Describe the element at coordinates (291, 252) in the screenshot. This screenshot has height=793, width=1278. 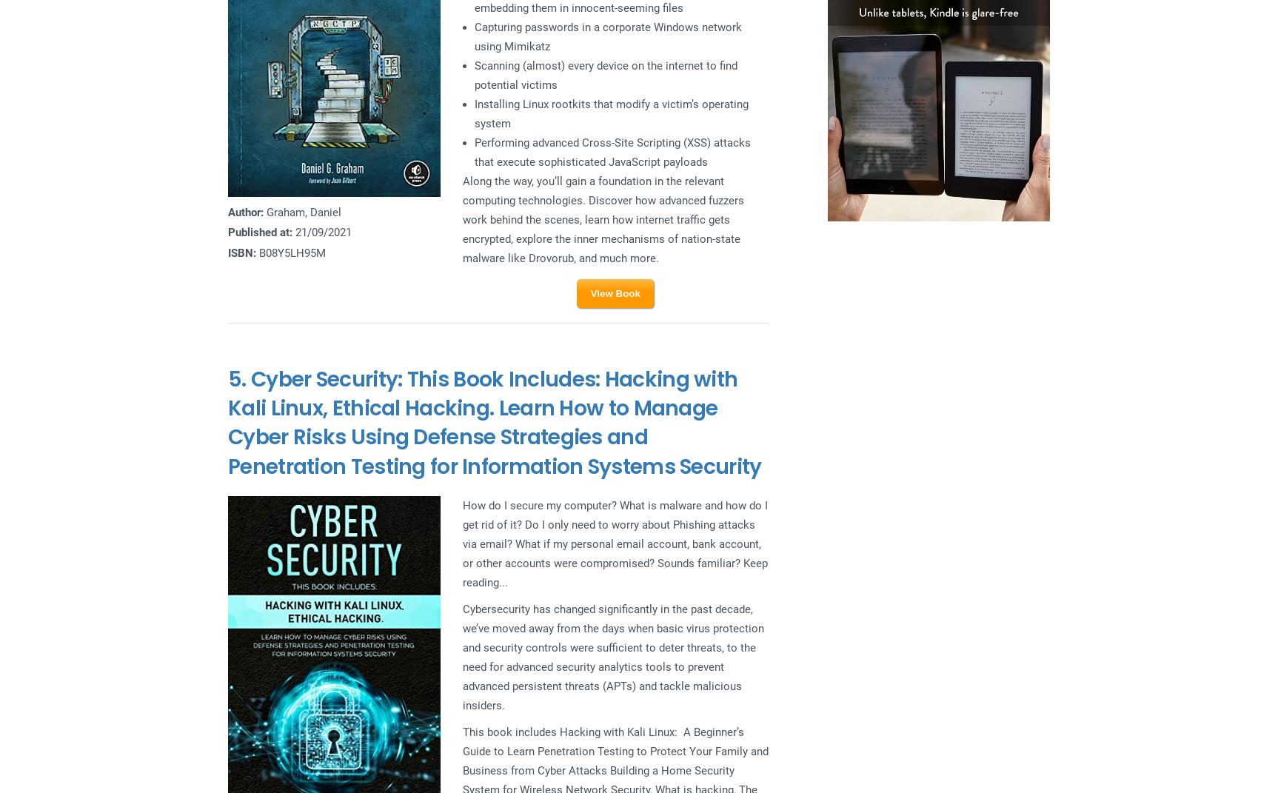
I see `'B08Y5LH95M'` at that location.